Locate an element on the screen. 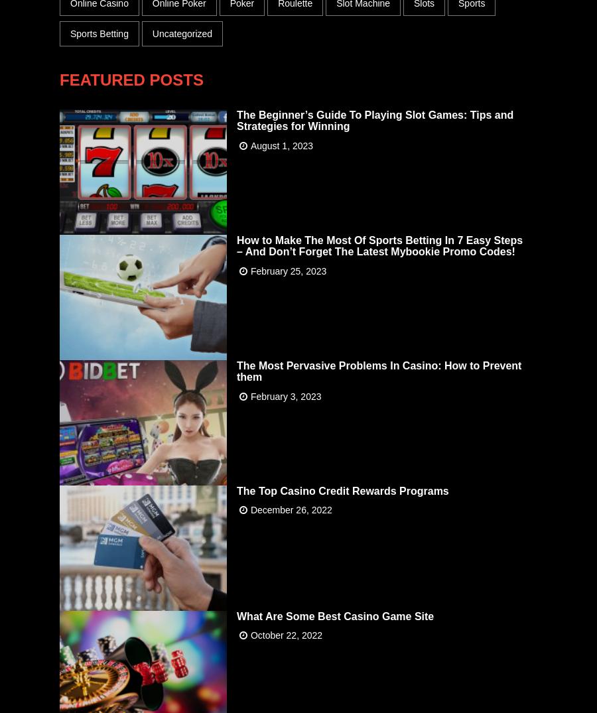 The image size is (597, 713). 'What Are Some Best Casino Game Site' is located at coordinates (237, 614).